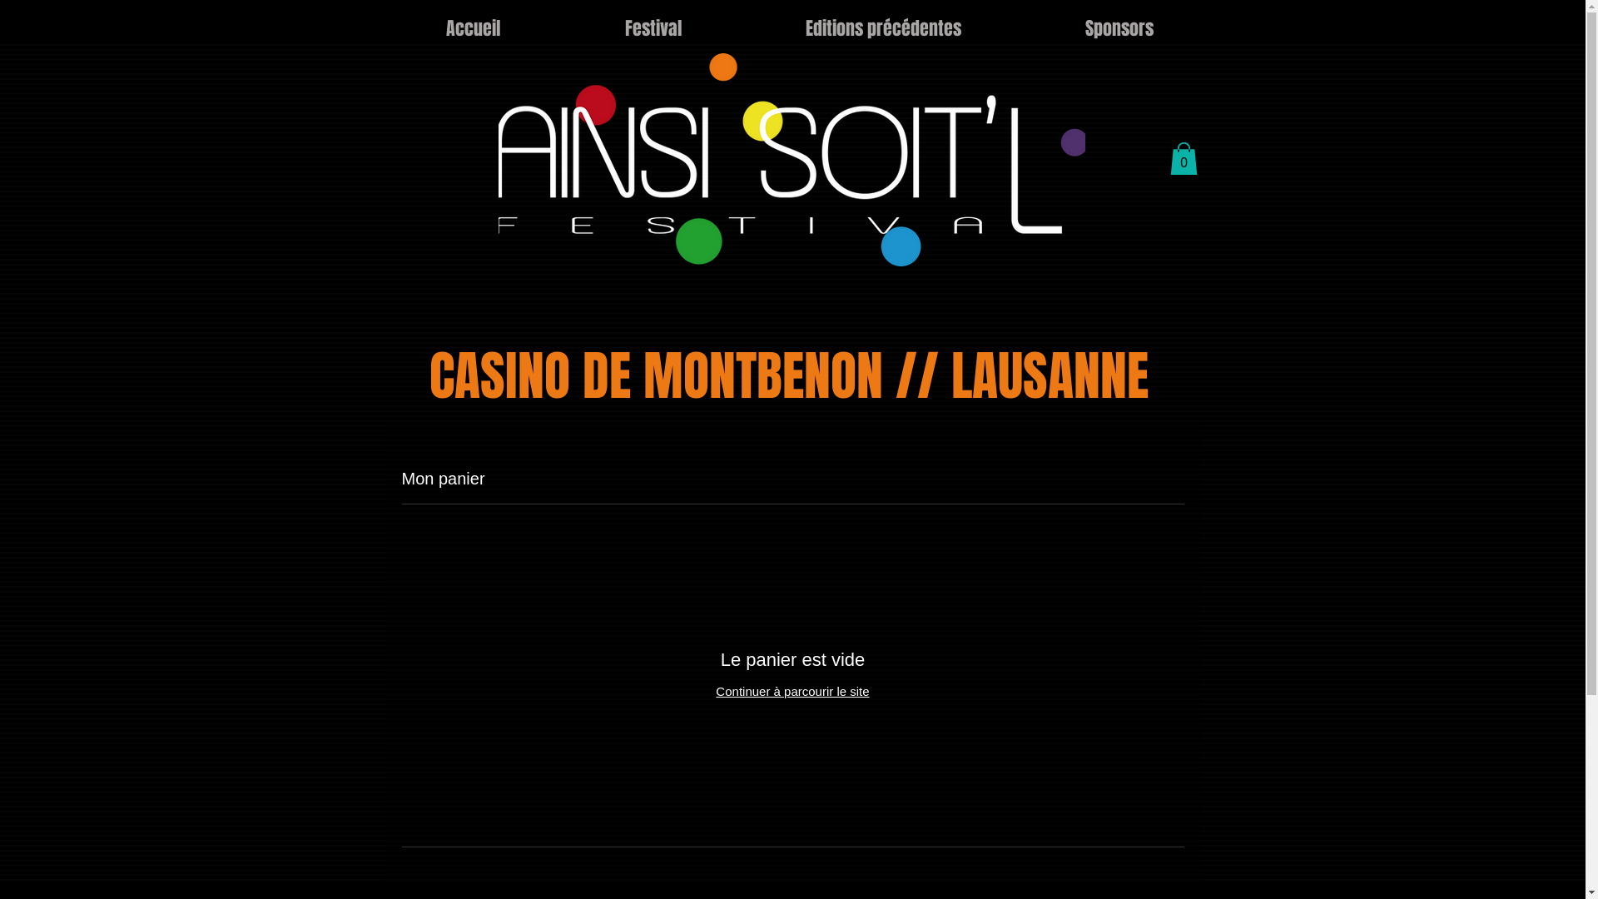  Describe the element at coordinates (1183, 158) in the screenshot. I see `'0'` at that location.